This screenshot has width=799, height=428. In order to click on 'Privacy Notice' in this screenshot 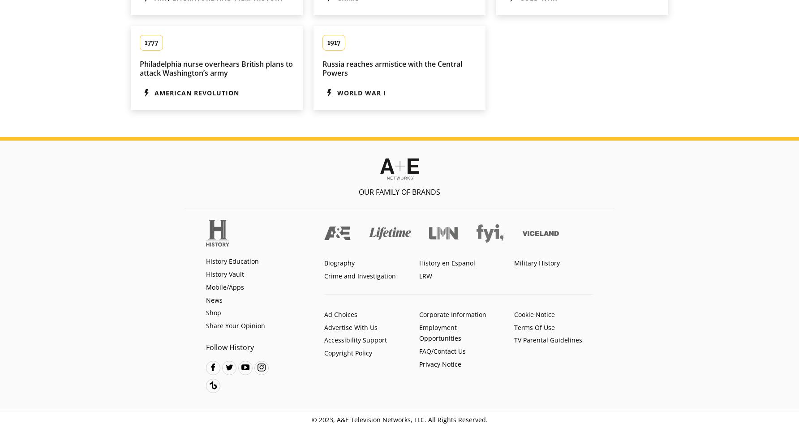, I will do `click(419, 364)`.